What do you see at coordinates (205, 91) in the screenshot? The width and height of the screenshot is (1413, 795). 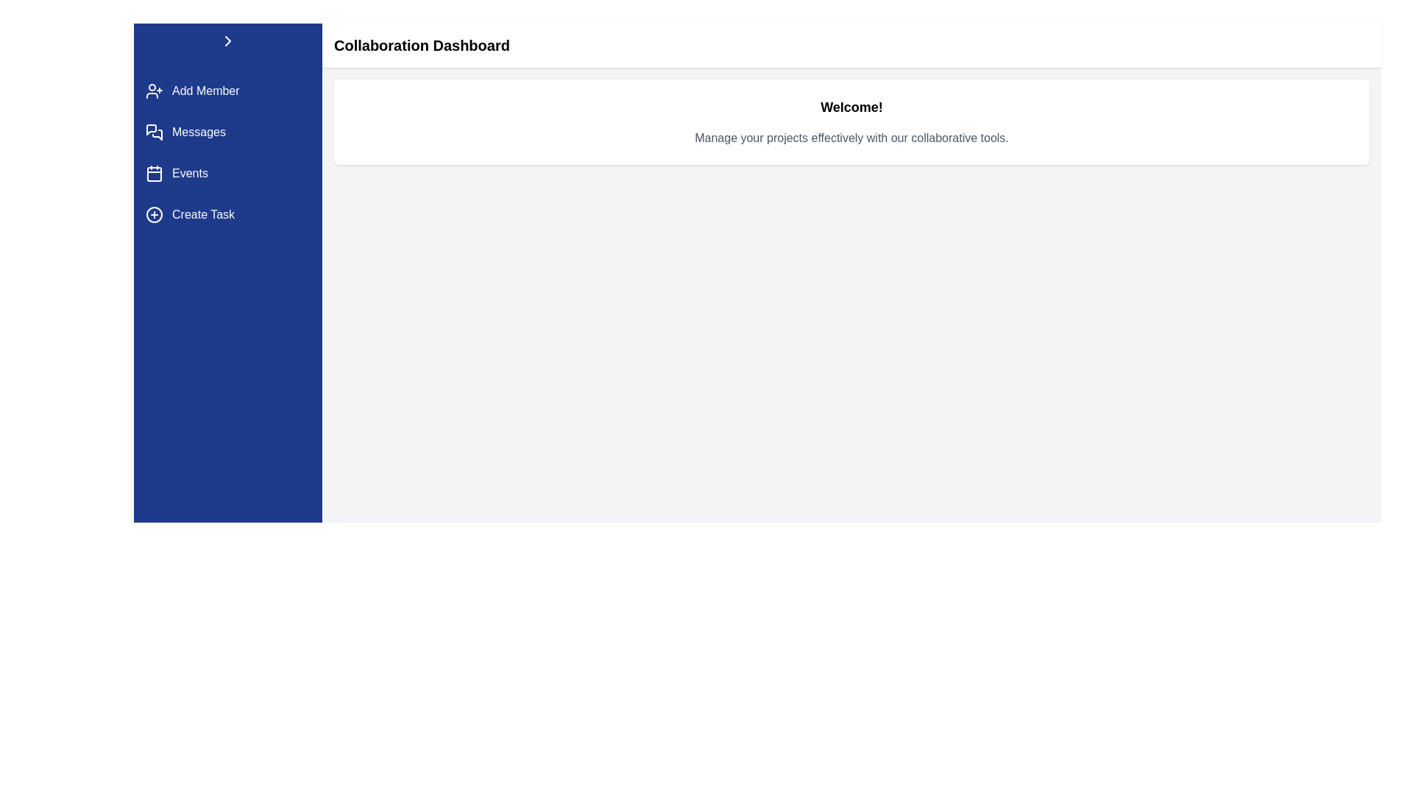 I see `text of the Text Label indicating the action of adding a new member, positioned in the left vertical navigation menu below the person with a plus sign icon` at bounding box center [205, 91].